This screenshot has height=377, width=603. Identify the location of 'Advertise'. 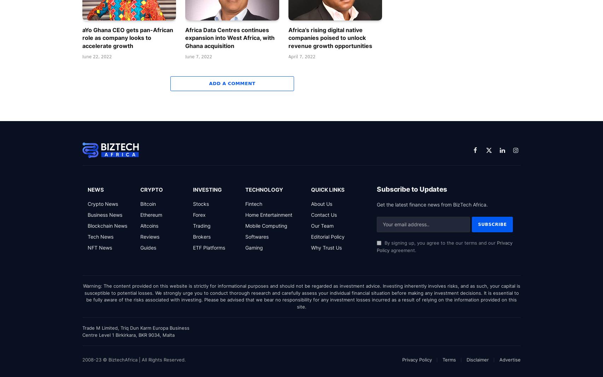
(499, 359).